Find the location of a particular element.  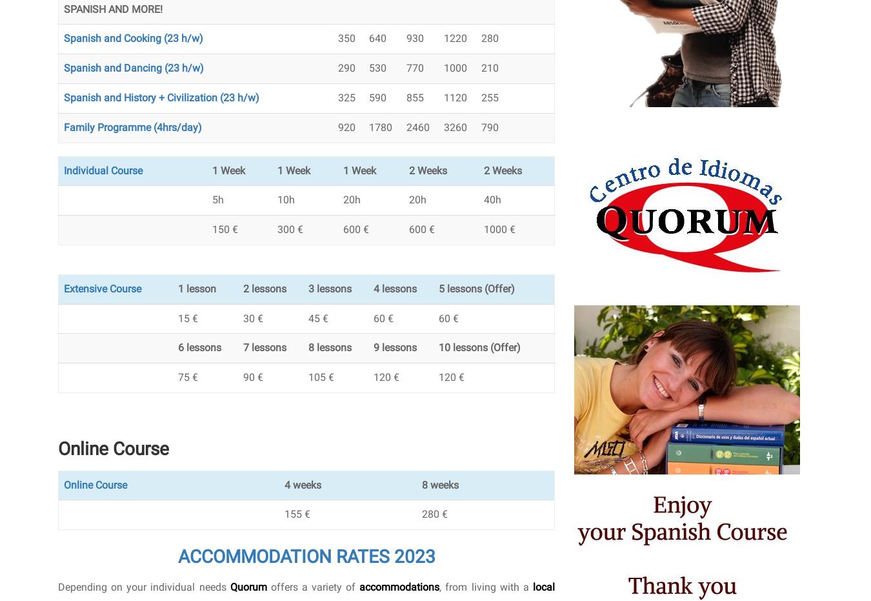

'Spanish and Dancing  (23 h/w)' is located at coordinates (134, 68).